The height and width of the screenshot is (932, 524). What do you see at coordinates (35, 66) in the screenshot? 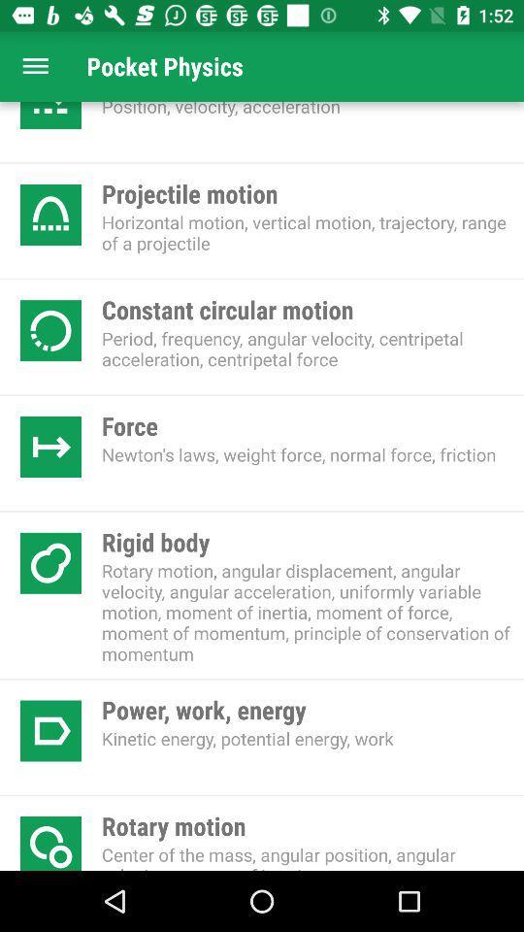
I see `the menu icon` at bounding box center [35, 66].